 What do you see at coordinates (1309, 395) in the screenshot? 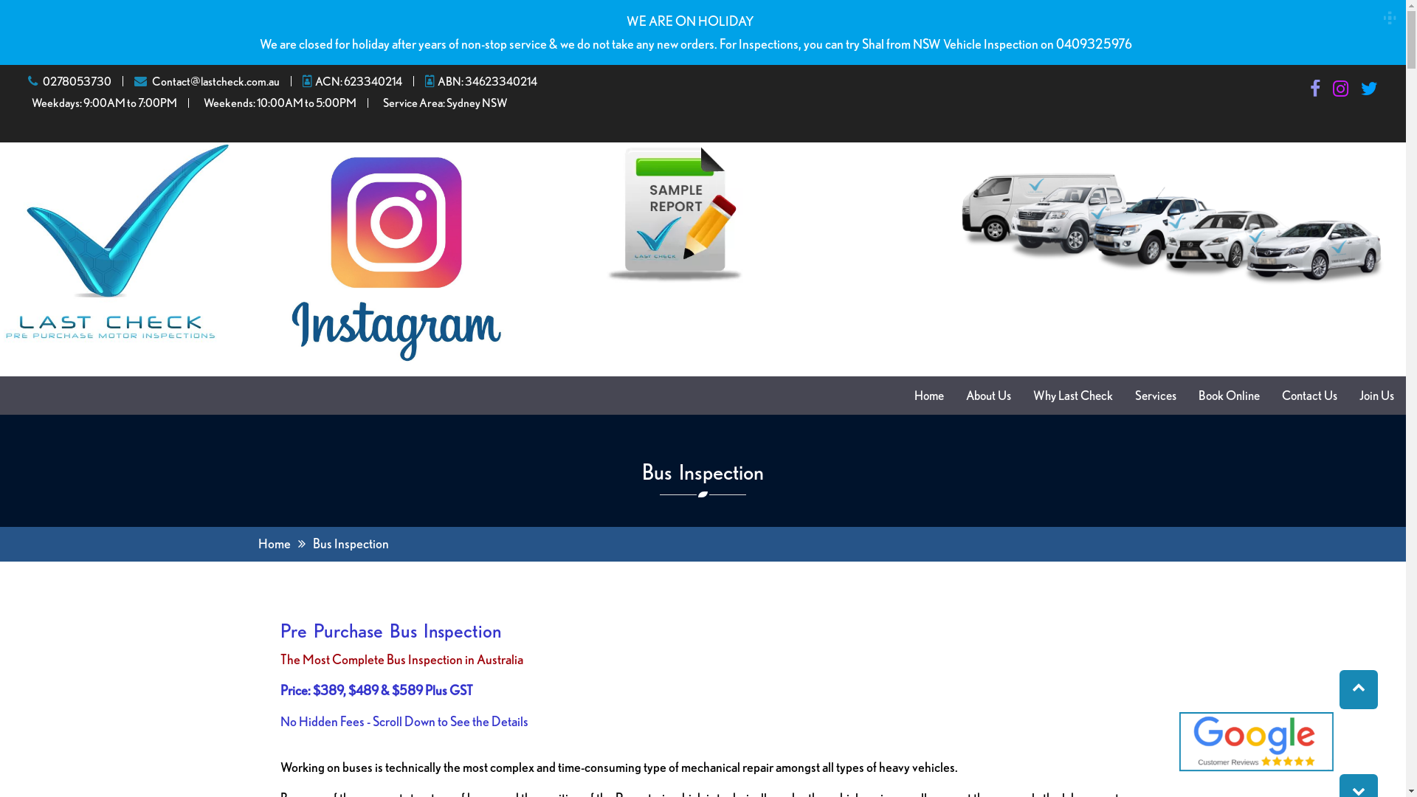
I see `'Contact Us'` at bounding box center [1309, 395].